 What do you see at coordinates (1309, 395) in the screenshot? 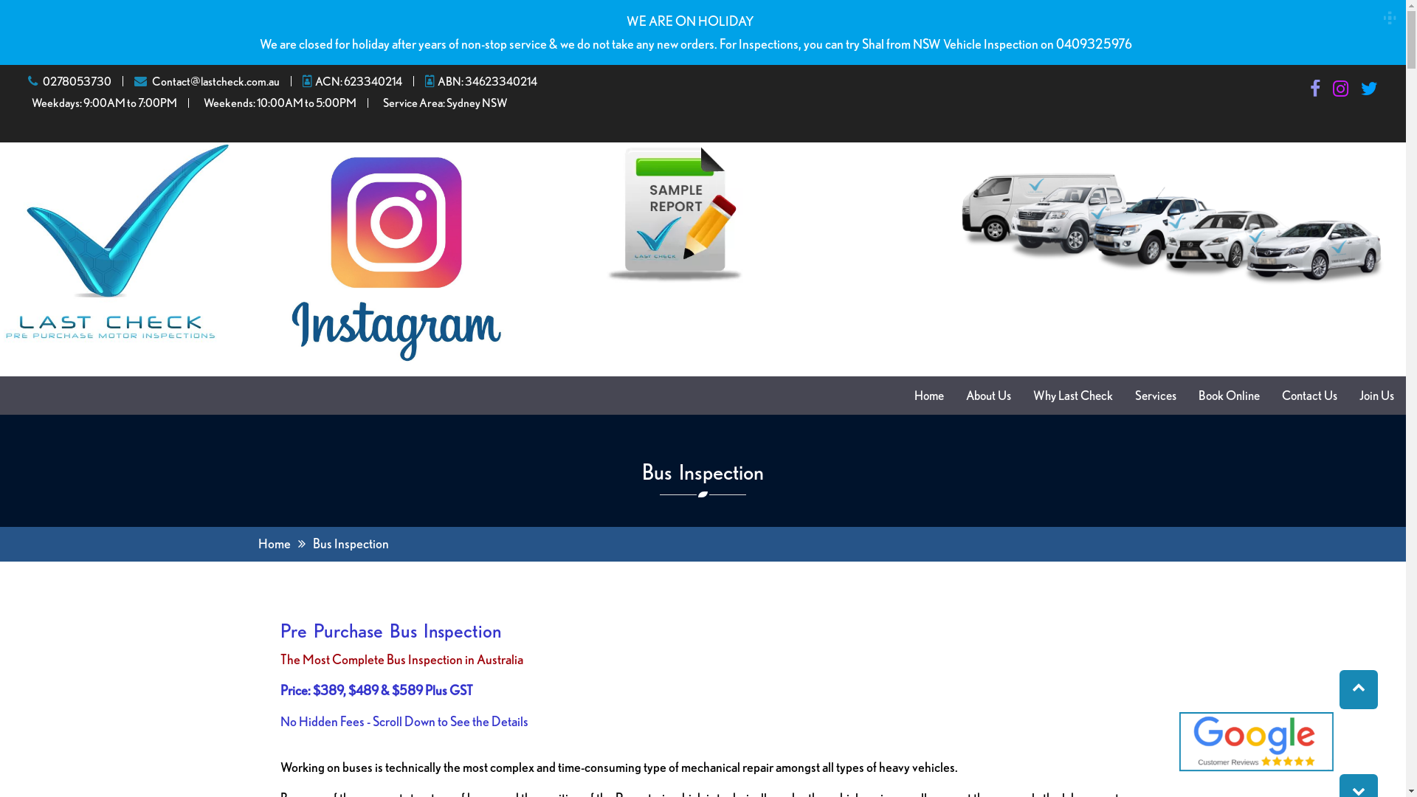
I see `'Contact Us'` at bounding box center [1309, 395].